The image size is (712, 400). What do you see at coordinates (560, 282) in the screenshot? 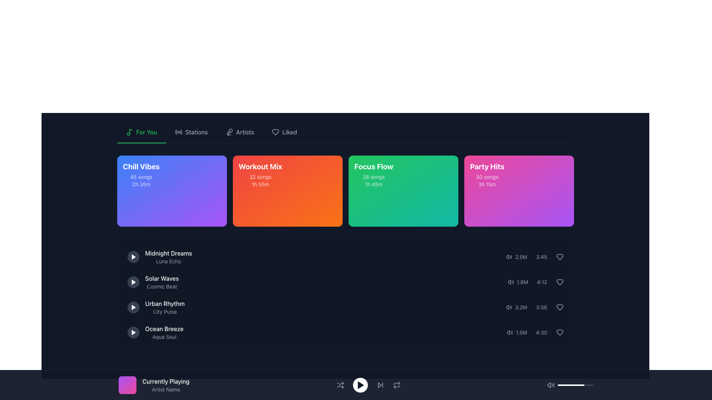
I see `the heart icon located at the bottom-right section of the interface` at bounding box center [560, 282].